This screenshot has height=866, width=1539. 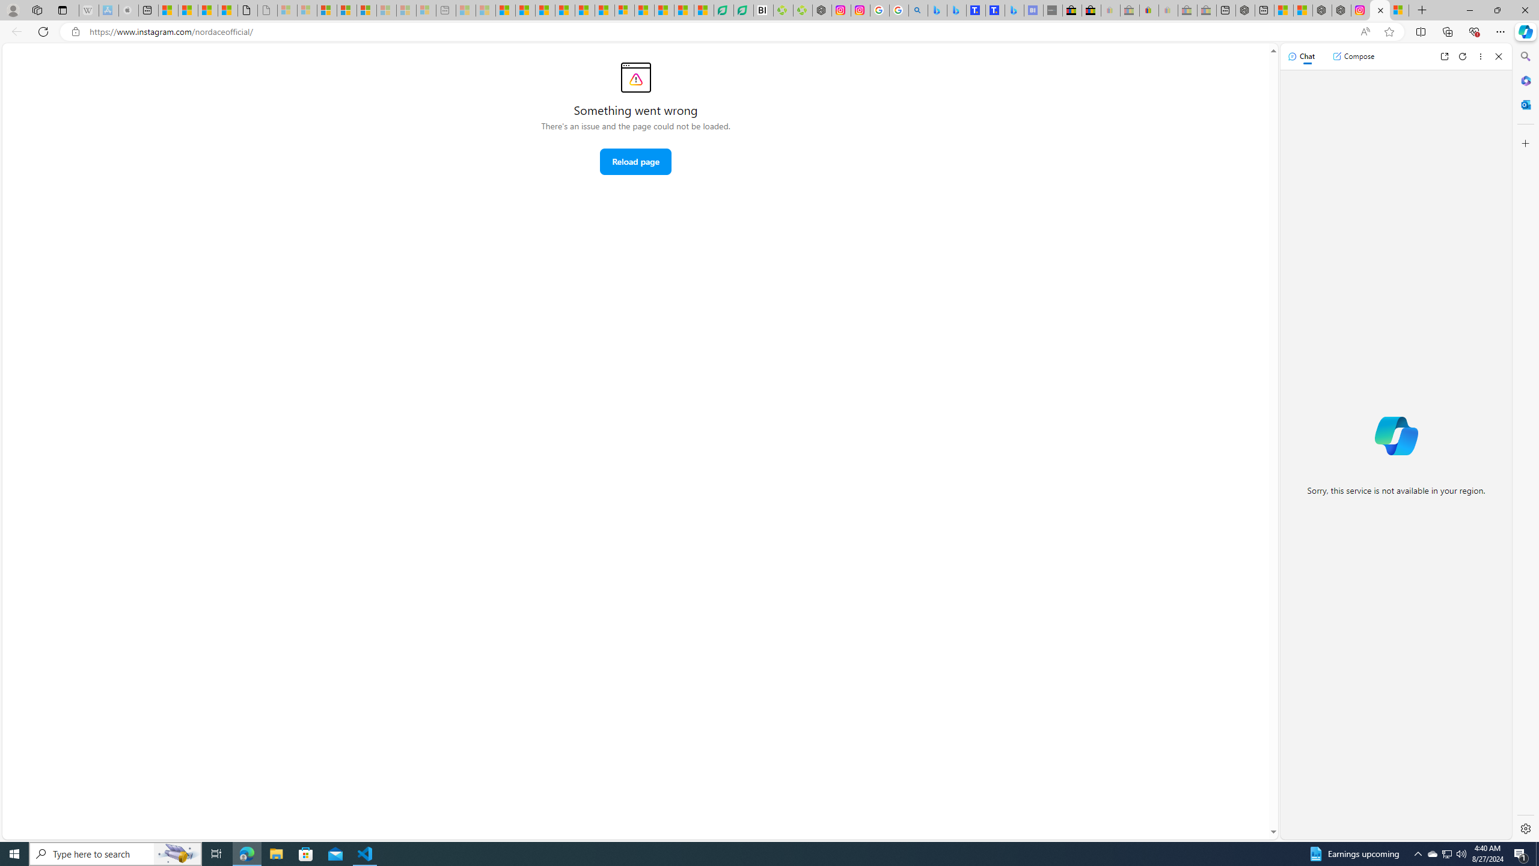 I want to click on 'Shangri-La Bangkok, Hotel reviews and Room rates', so click(x=995, y=10).